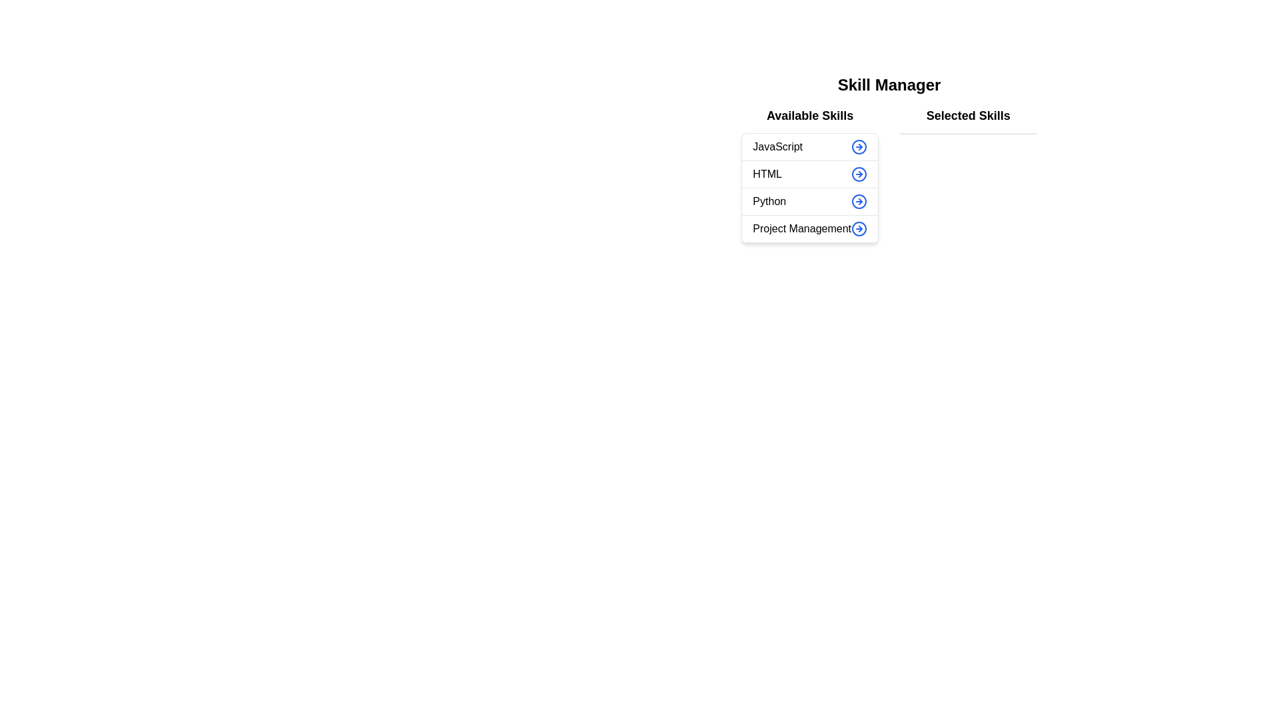  I want to click on the button corresponding to the skill JavaScript, so click(859, 146).